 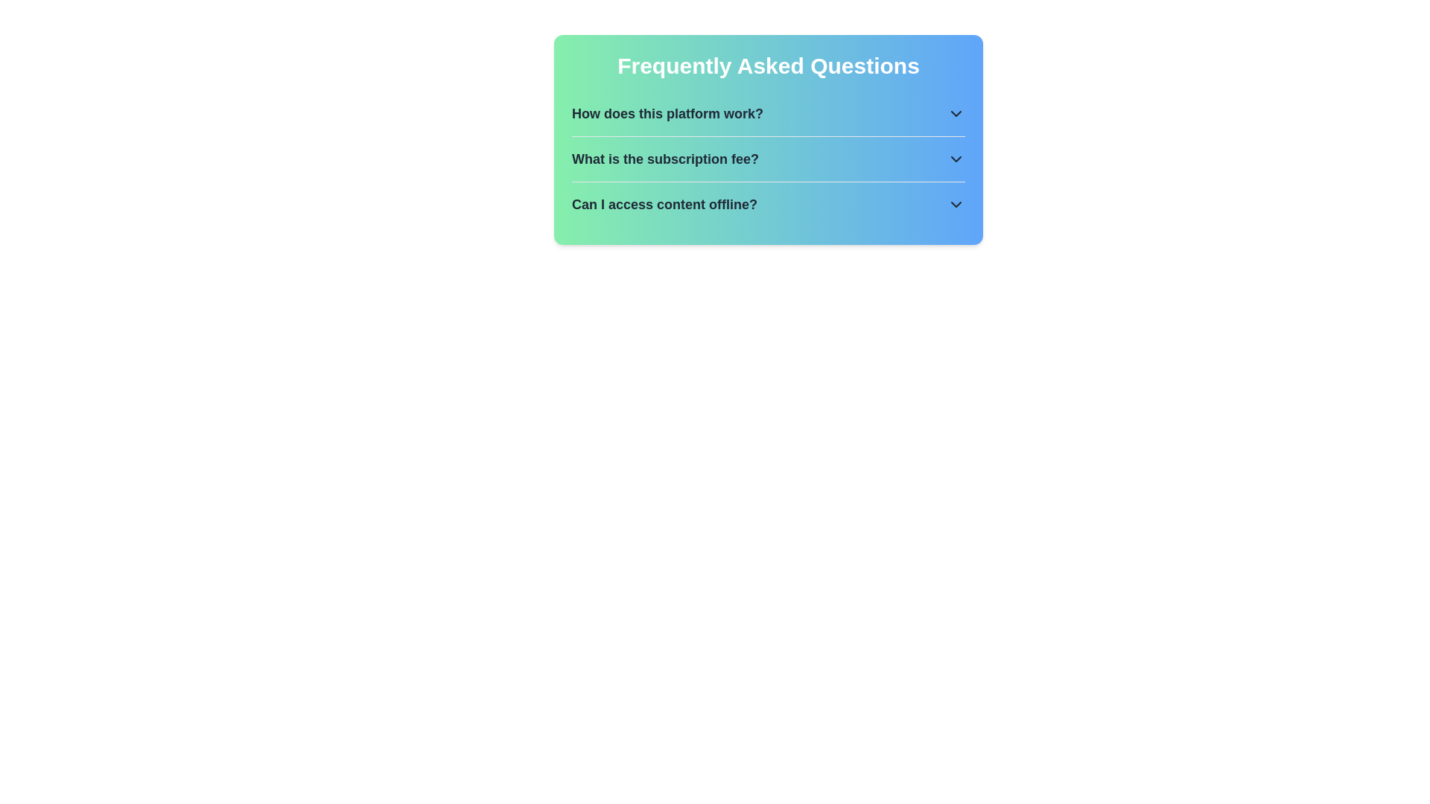 What do you see at coordinates (769, 113) in the screenshot?
I see `the Dropdown toggle button located in the FAQ section to observe styling changes` at bounding box center [769, 113].